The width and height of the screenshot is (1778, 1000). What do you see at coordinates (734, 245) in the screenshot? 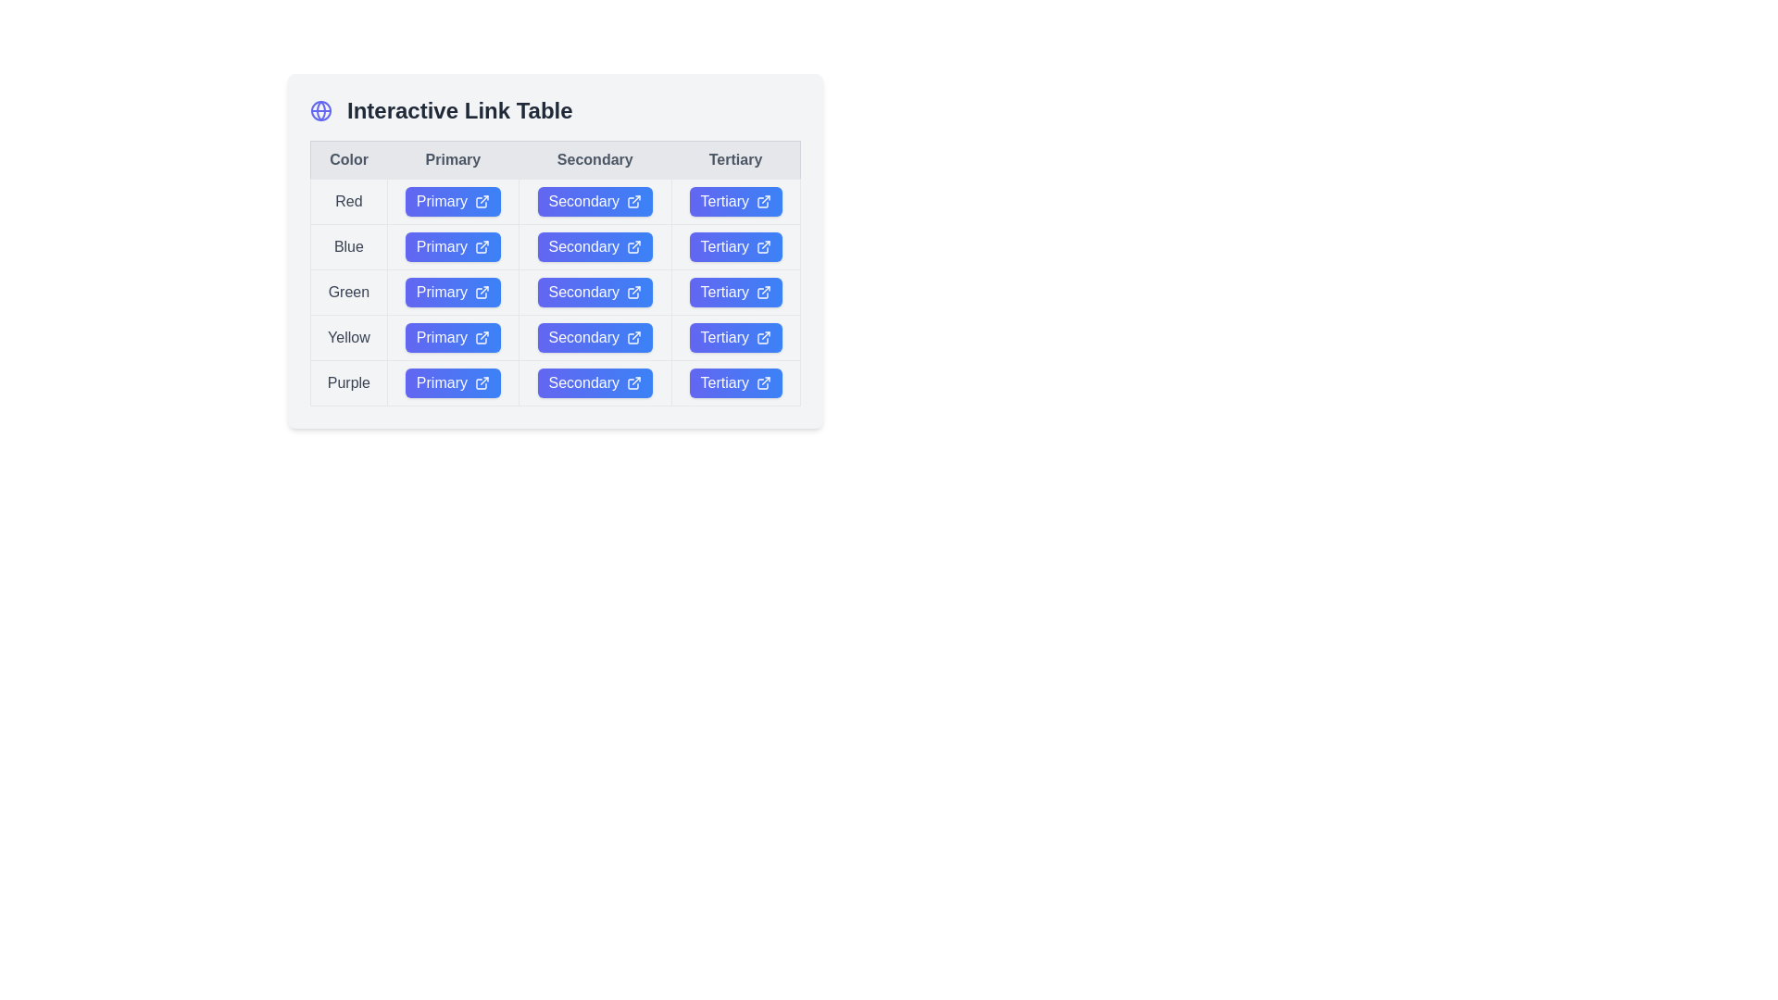
I see `the button in the 'Tertiary' column of the second row, which is associated with the 'Blue' category` at bounding box center [734, 245].